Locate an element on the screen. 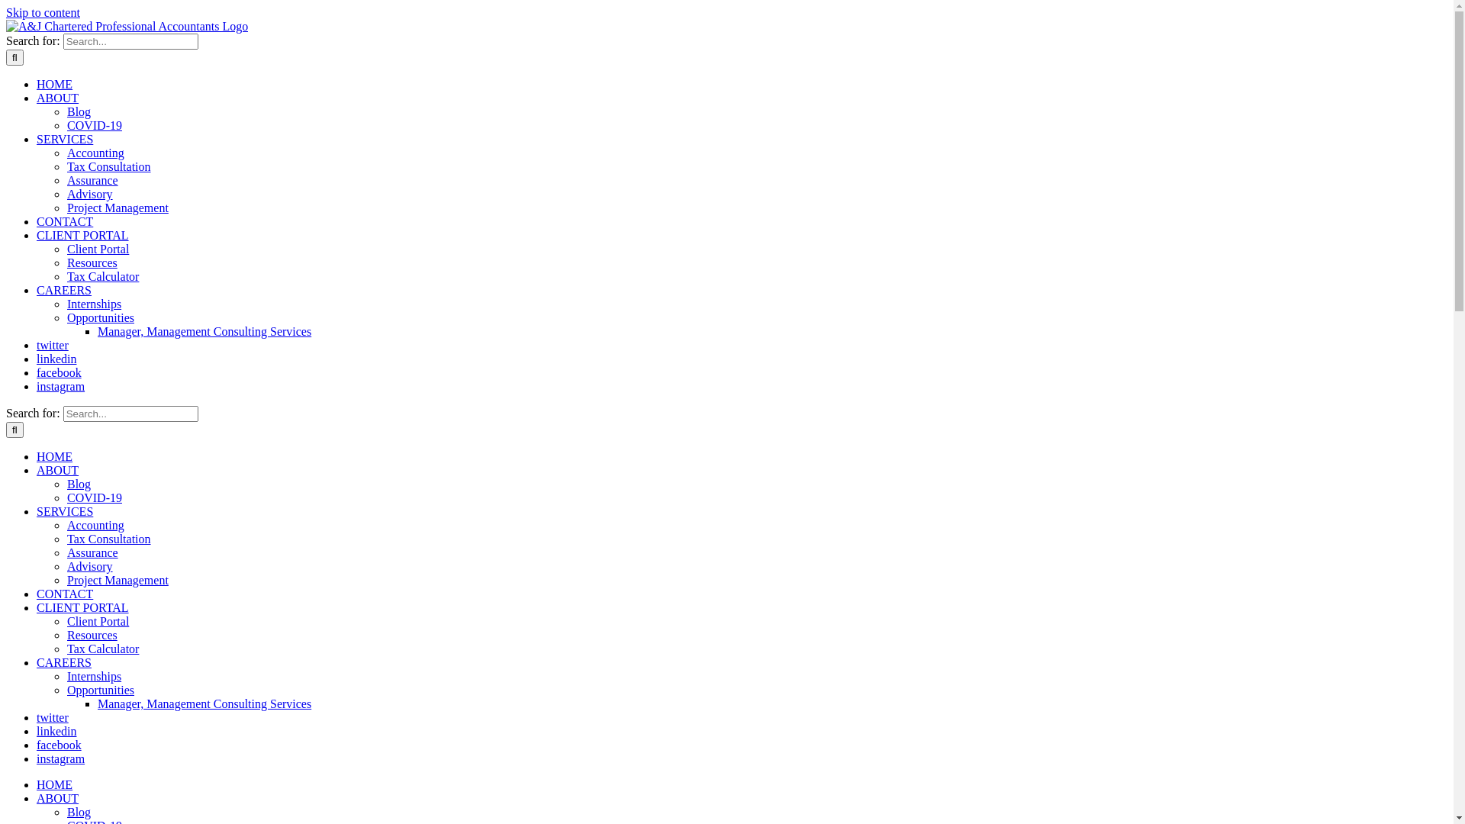 This screenshot has width=1465, height=824. 'linkedin' is located at coordinates (37, 730).